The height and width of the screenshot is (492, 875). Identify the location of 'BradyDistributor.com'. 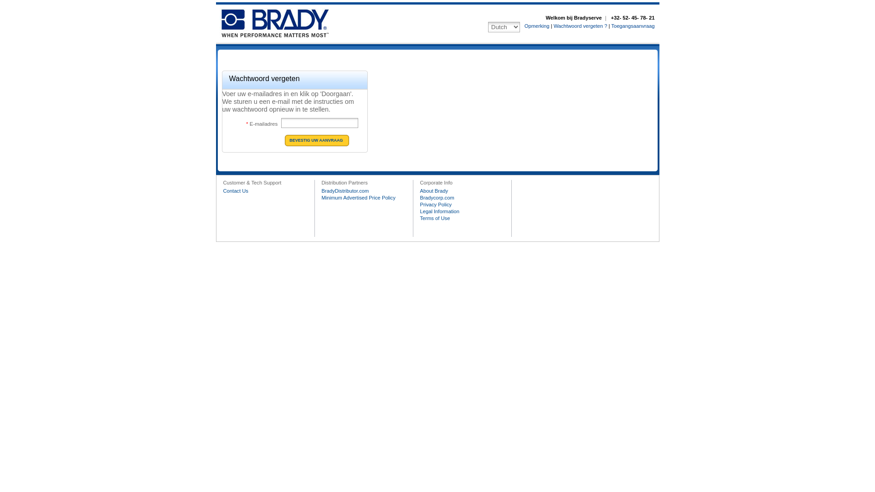
(345, 190).